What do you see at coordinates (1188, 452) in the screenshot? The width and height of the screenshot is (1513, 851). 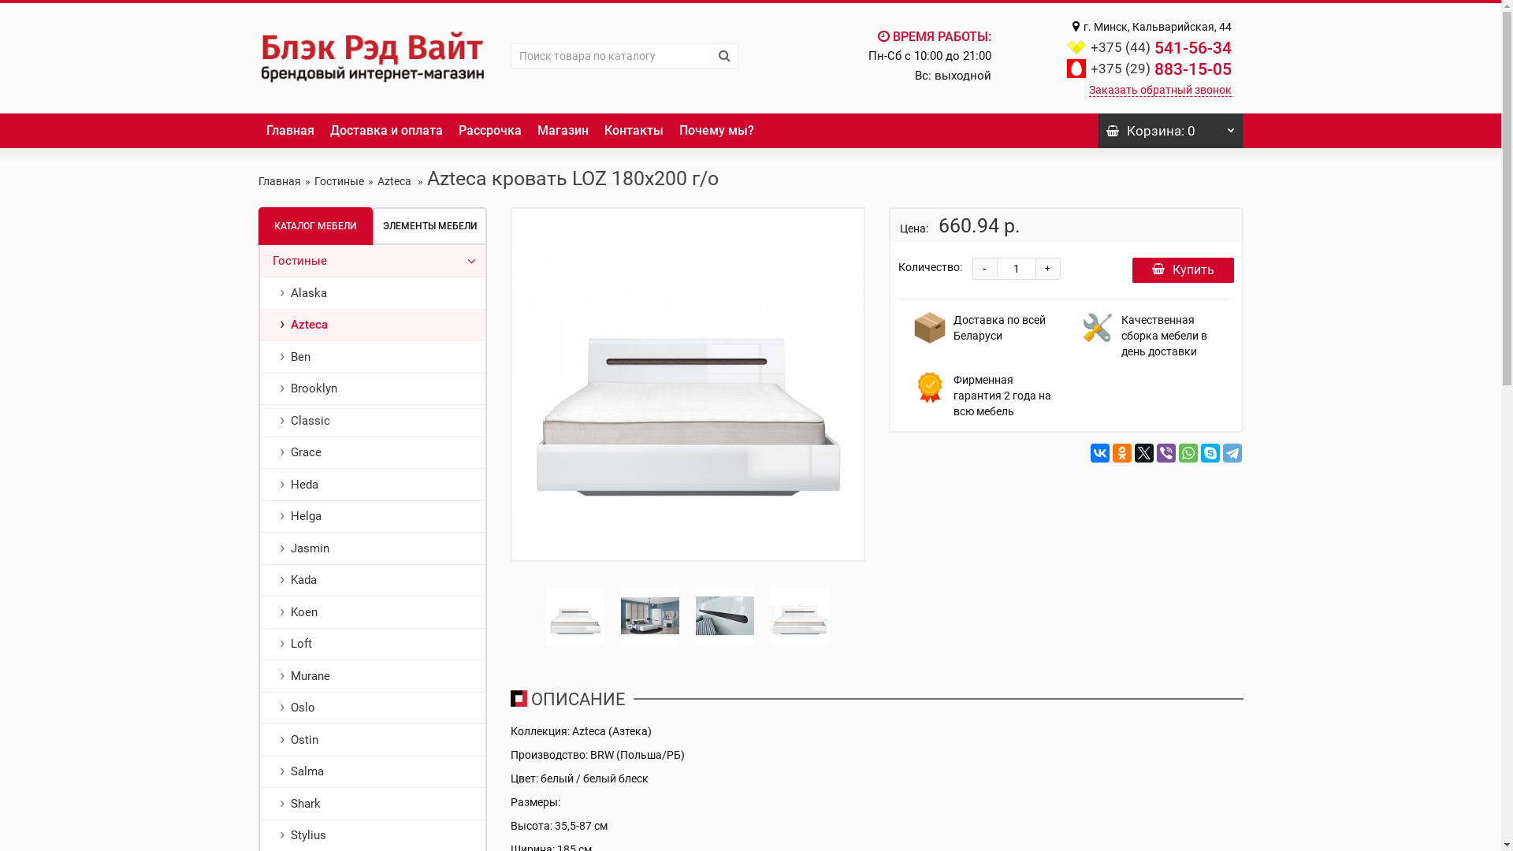 I see `'WhatsApp'` at bounding box center [1188, 452].